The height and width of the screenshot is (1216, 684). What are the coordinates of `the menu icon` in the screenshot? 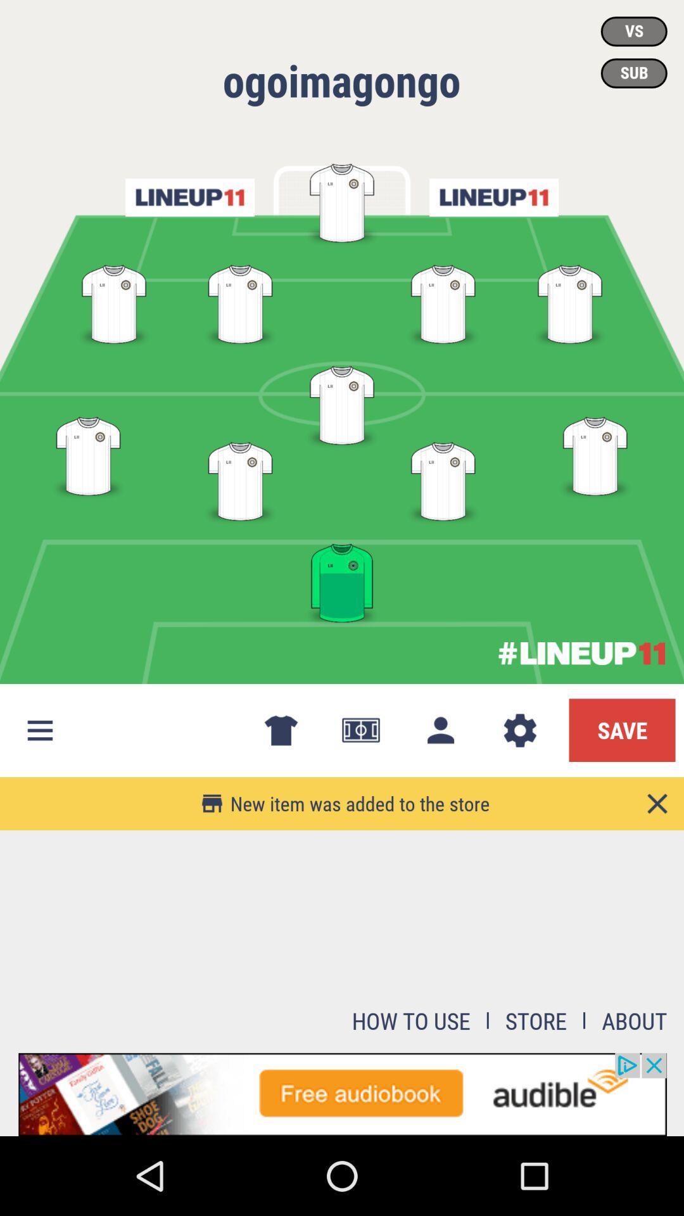 It's located at (39, 730).